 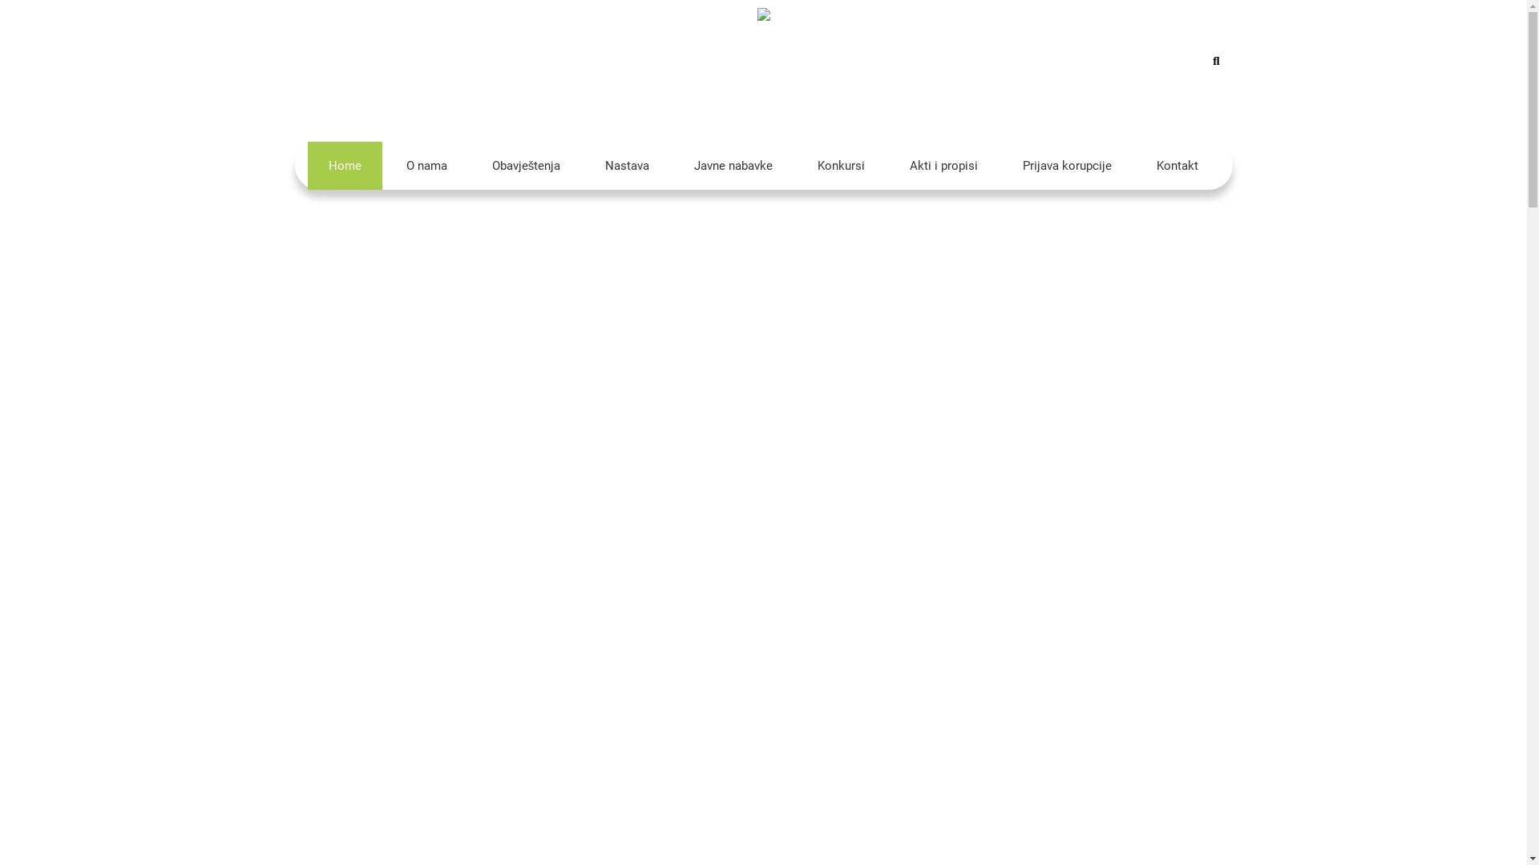 I want to click on 'Javne nabavke', so click(x=673, y=166).